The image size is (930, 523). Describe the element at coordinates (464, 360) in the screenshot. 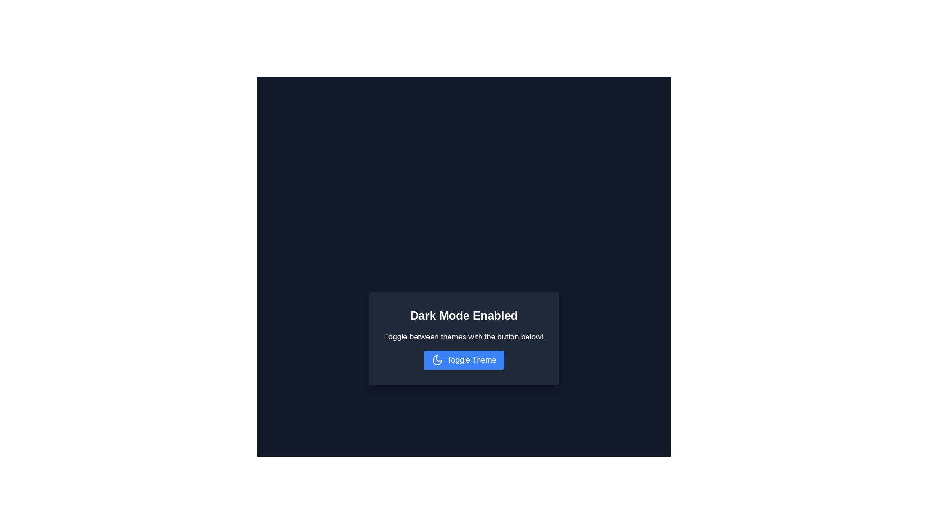

I see `the button with a blue background and a white moon icon labeled 'Toggle Theme'` at that location.